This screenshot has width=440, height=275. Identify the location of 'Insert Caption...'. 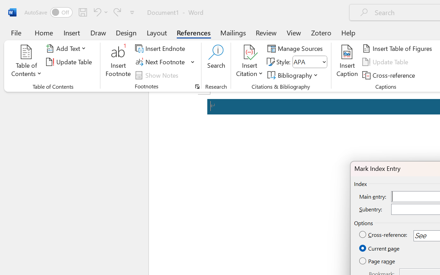
(347, 62).